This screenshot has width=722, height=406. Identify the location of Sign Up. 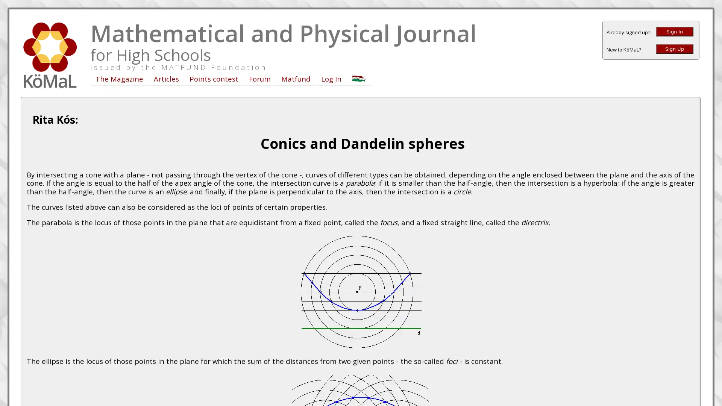
(675, 49).